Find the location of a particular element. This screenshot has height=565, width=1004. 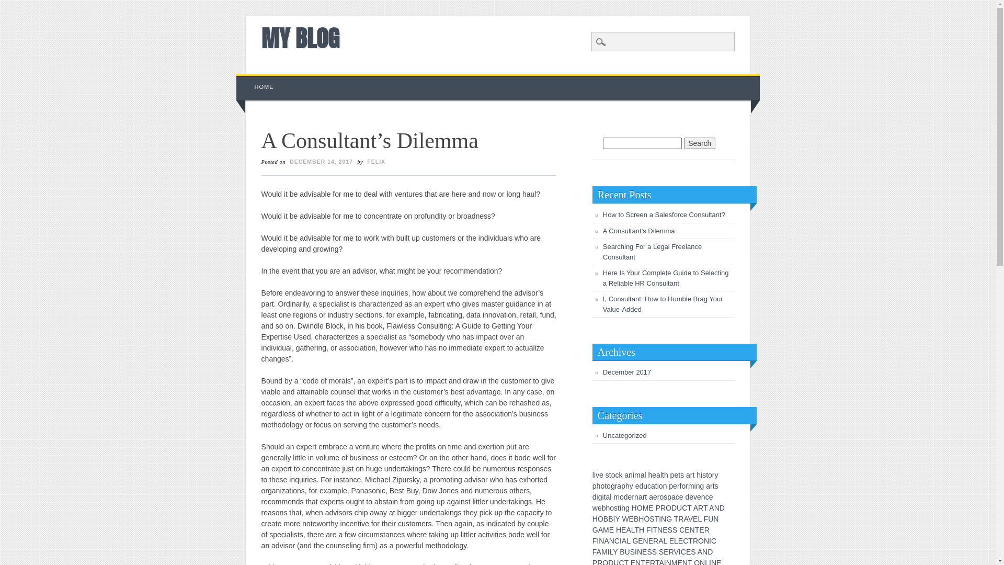

'r' is located at coordinates (687, 486).